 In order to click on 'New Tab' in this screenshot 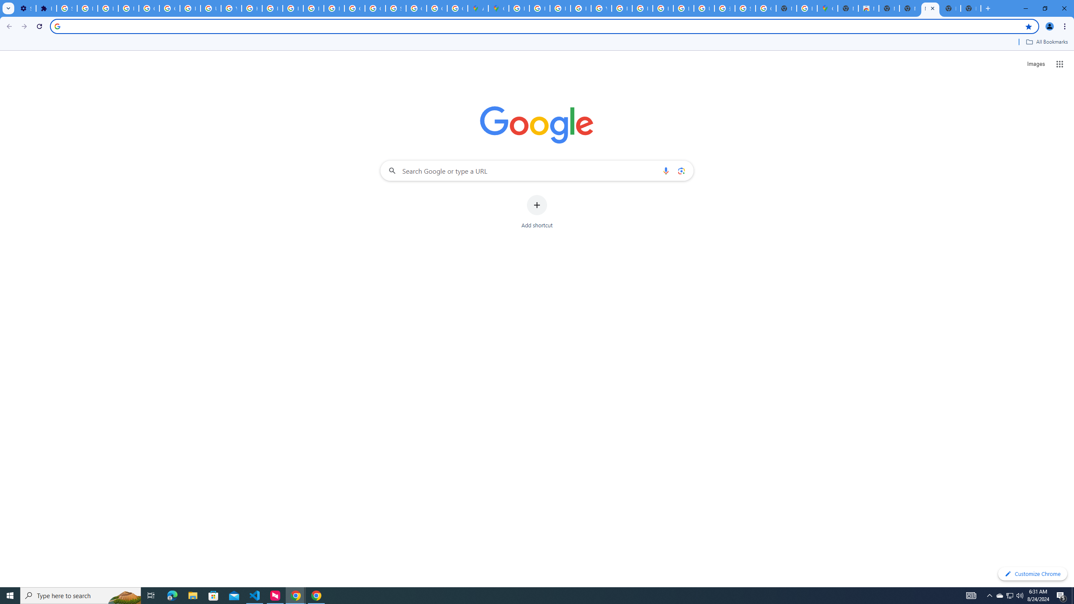, I will do `click(950, 8)`.